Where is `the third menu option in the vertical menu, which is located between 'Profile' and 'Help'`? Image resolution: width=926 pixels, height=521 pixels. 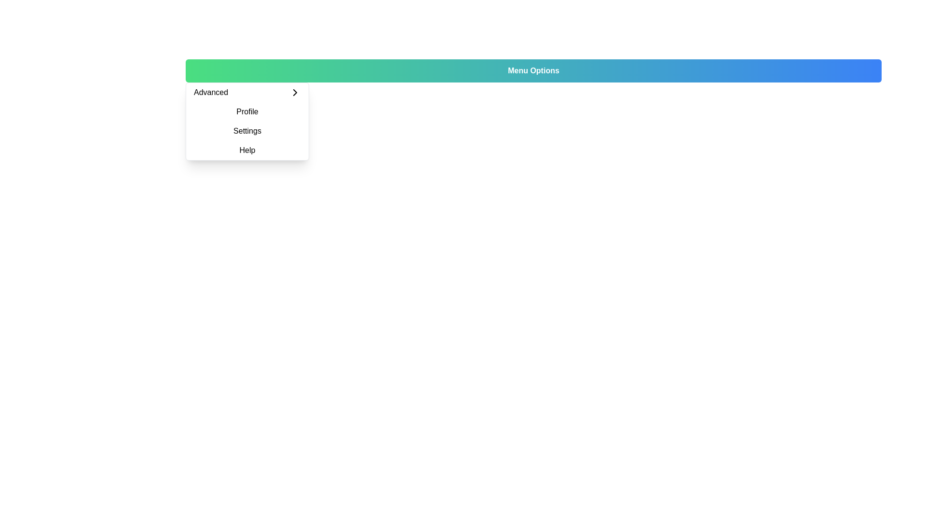
the third menu option in the vertical menu, which is located between 'Profile' and 'Help' is located at coordinates (247, 121).